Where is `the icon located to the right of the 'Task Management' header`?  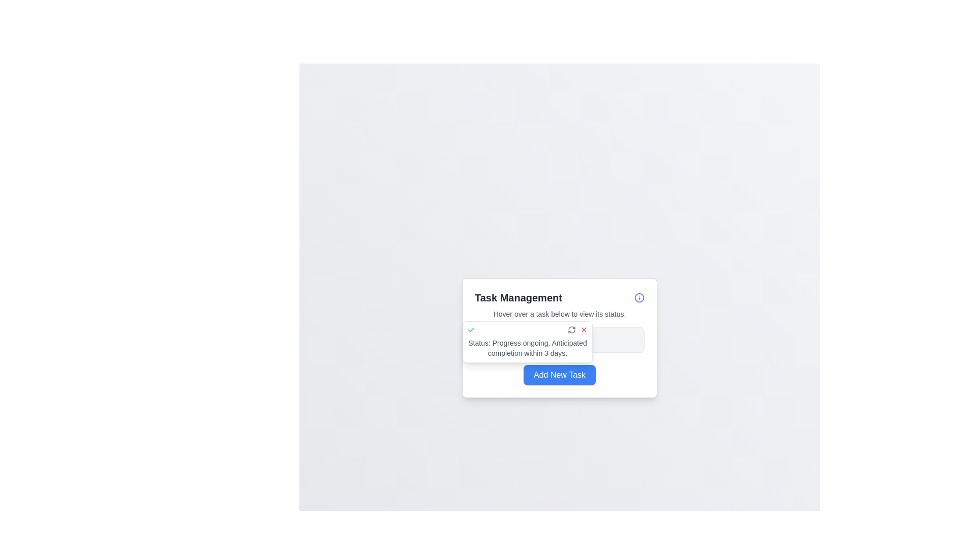
the icon located to the right of the 'Task Management' header is located at coordinates (638, 297).